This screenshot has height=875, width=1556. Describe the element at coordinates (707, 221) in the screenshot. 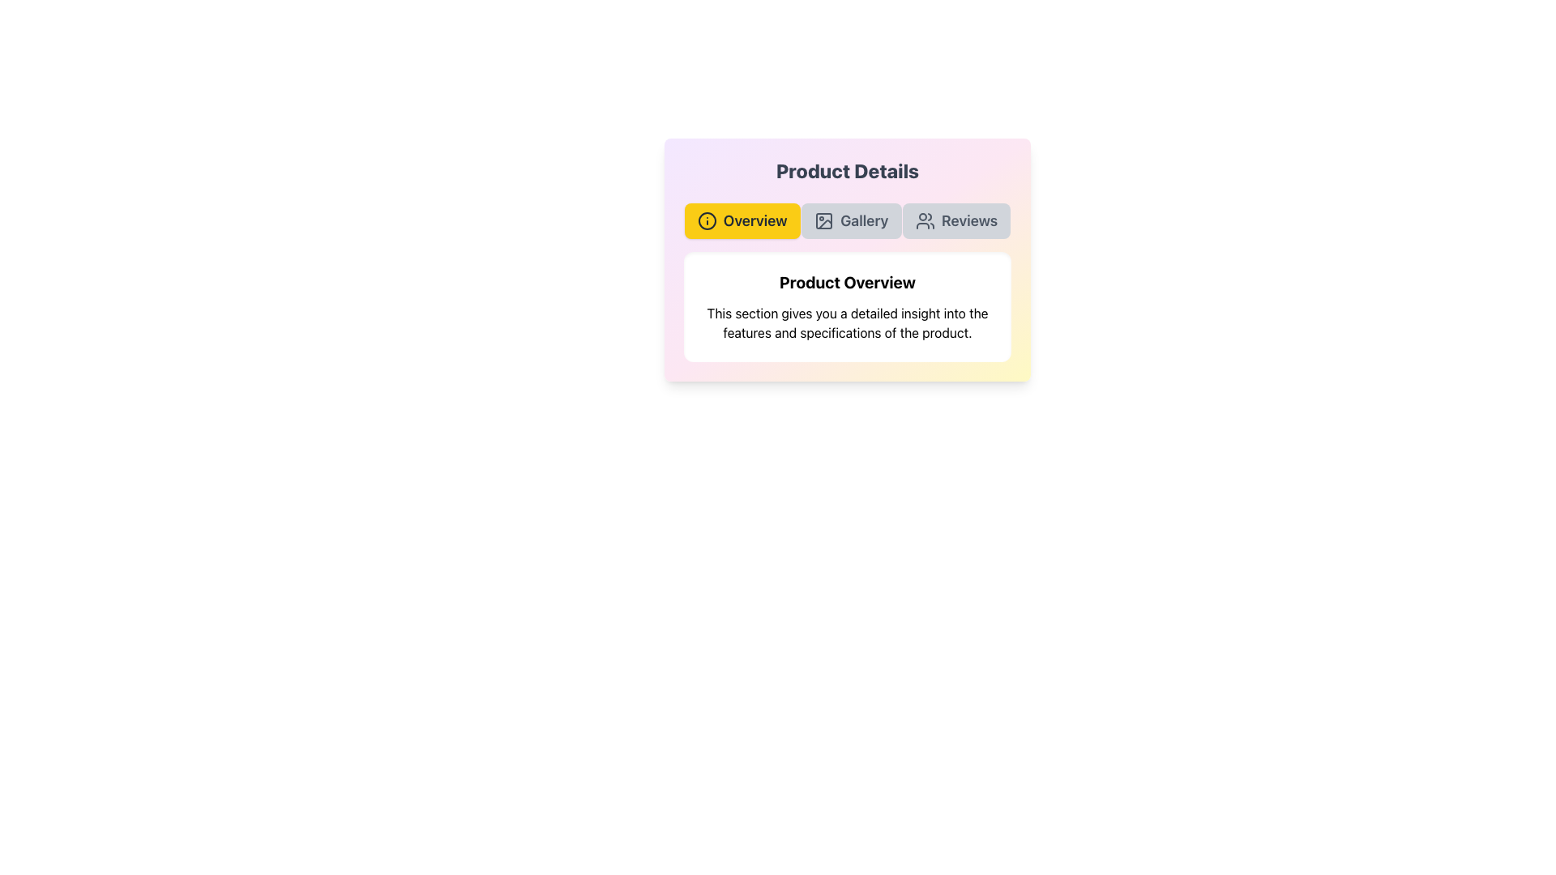

I see `the 'Overview' button which contains the icon on its left side, enhancing recognition of its purpose` at that location.